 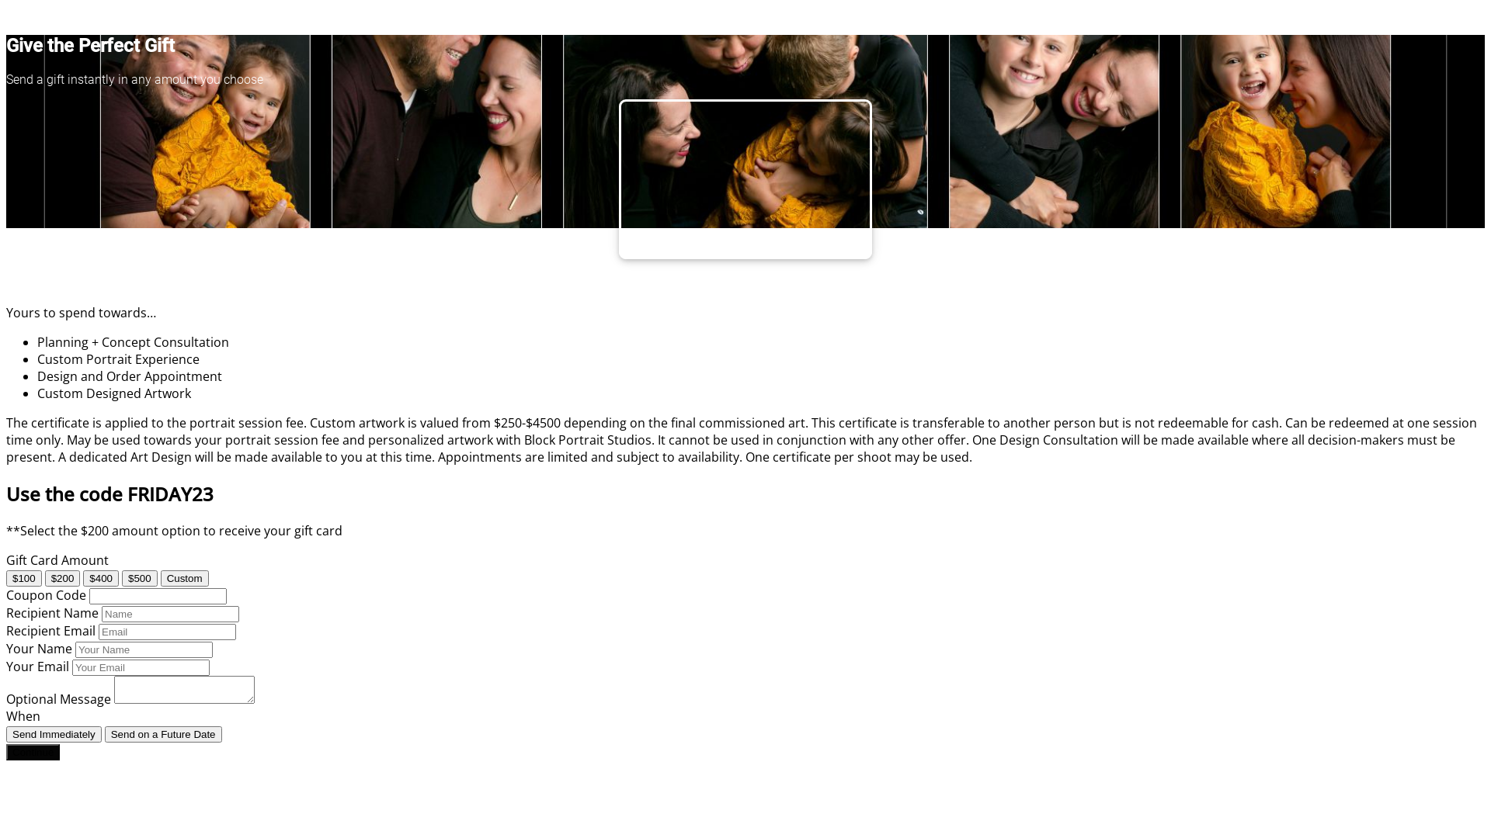 I want to click on 'Send Immediately', so click(x=54, y=733).